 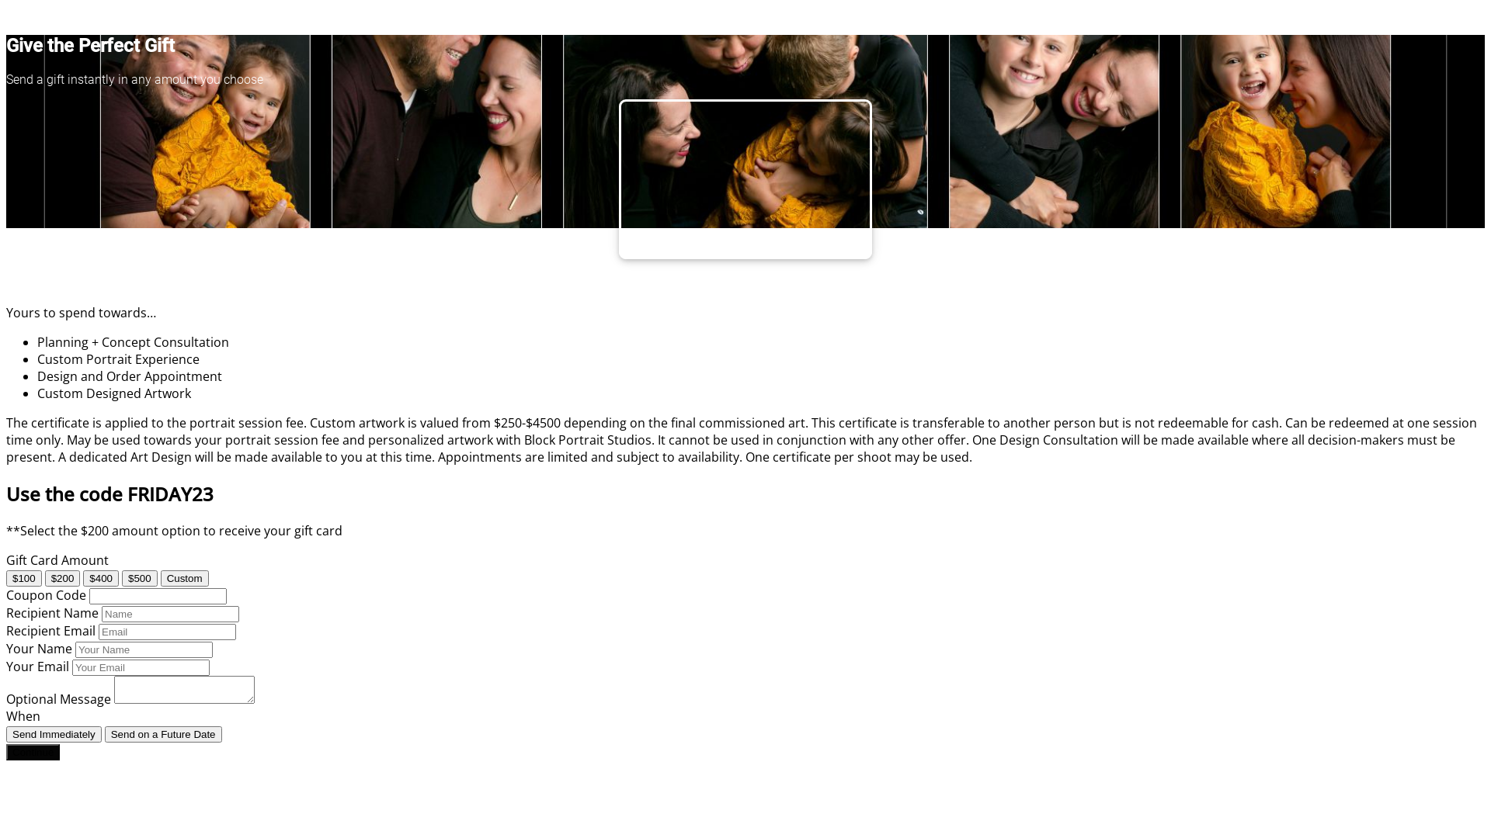 I want to click on 'Send Immediately', so click(x=54, y=733).